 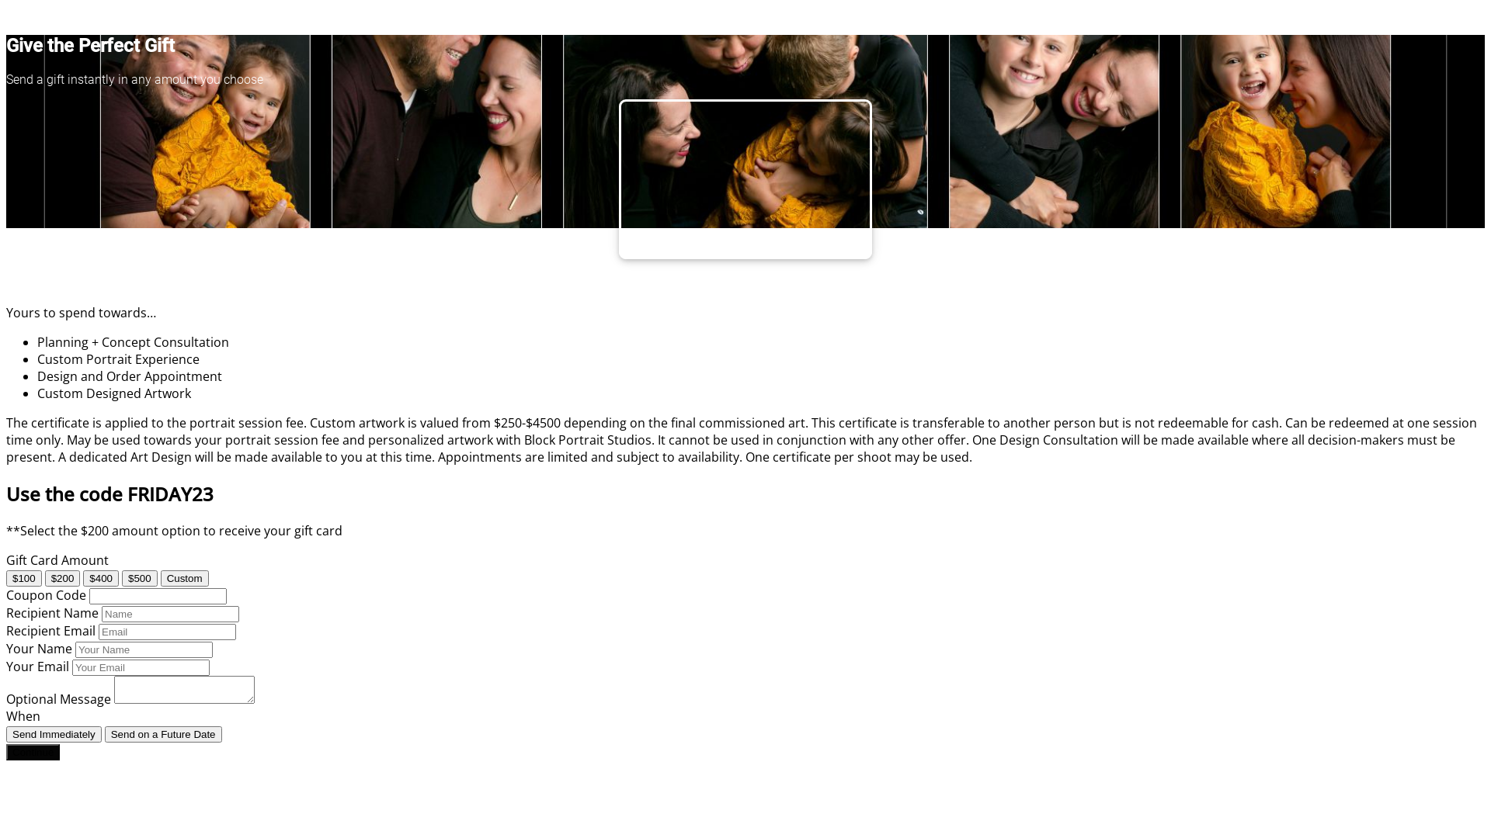 I want to click on 'Send Immediately', so click(x=54, y=733).